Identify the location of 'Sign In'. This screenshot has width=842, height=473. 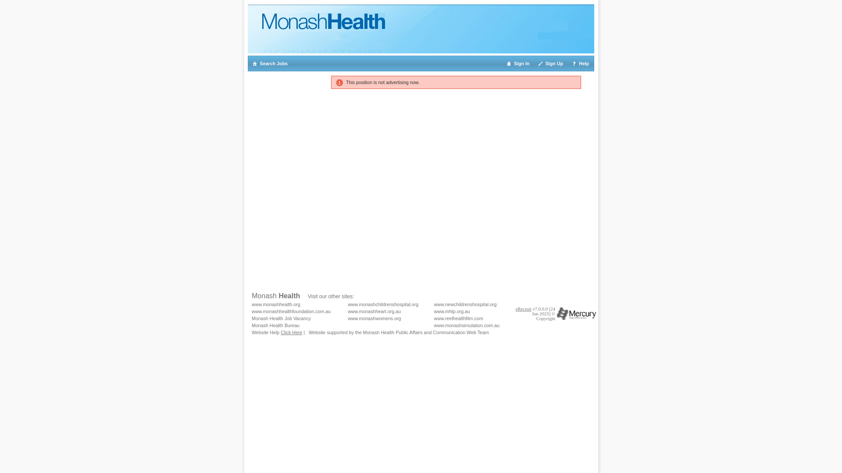
(518, 63).